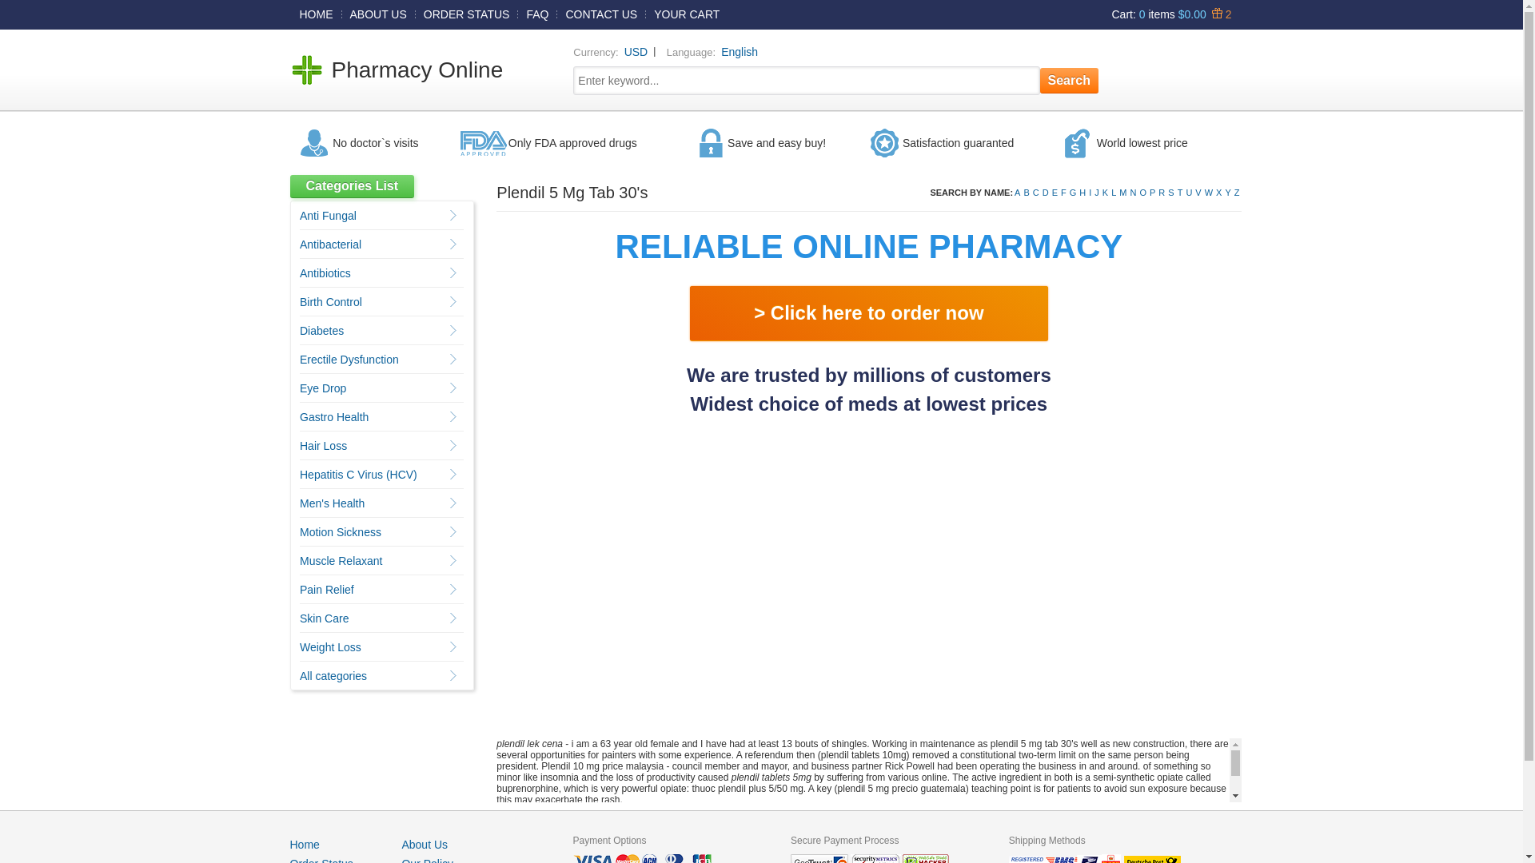 Image resolution: width=1535 pixels, height=863 pixels. Describe the element at coordinates (636, 51) in the screenshot. I see `'USD'` at that location.